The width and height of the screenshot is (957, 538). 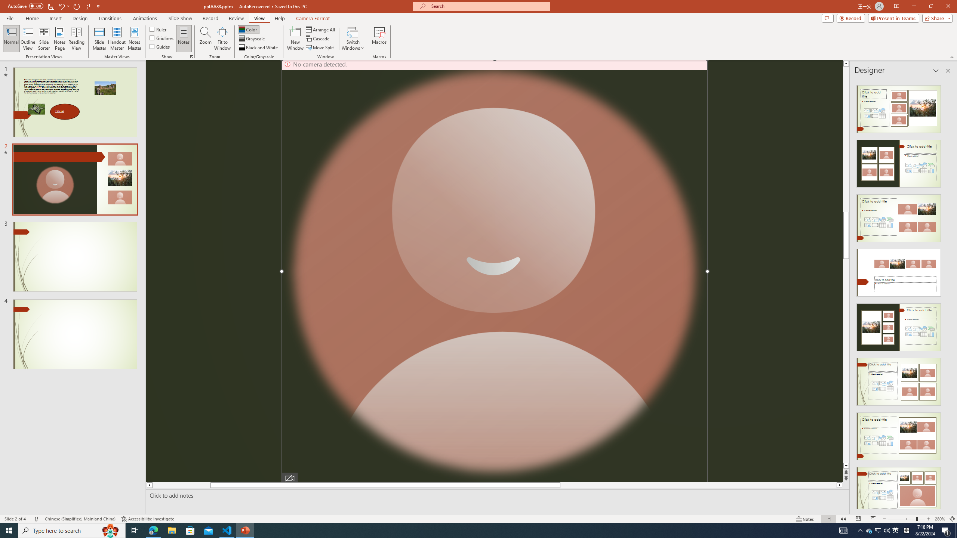 I want to click on 'Share', so click(x=935, y=18).